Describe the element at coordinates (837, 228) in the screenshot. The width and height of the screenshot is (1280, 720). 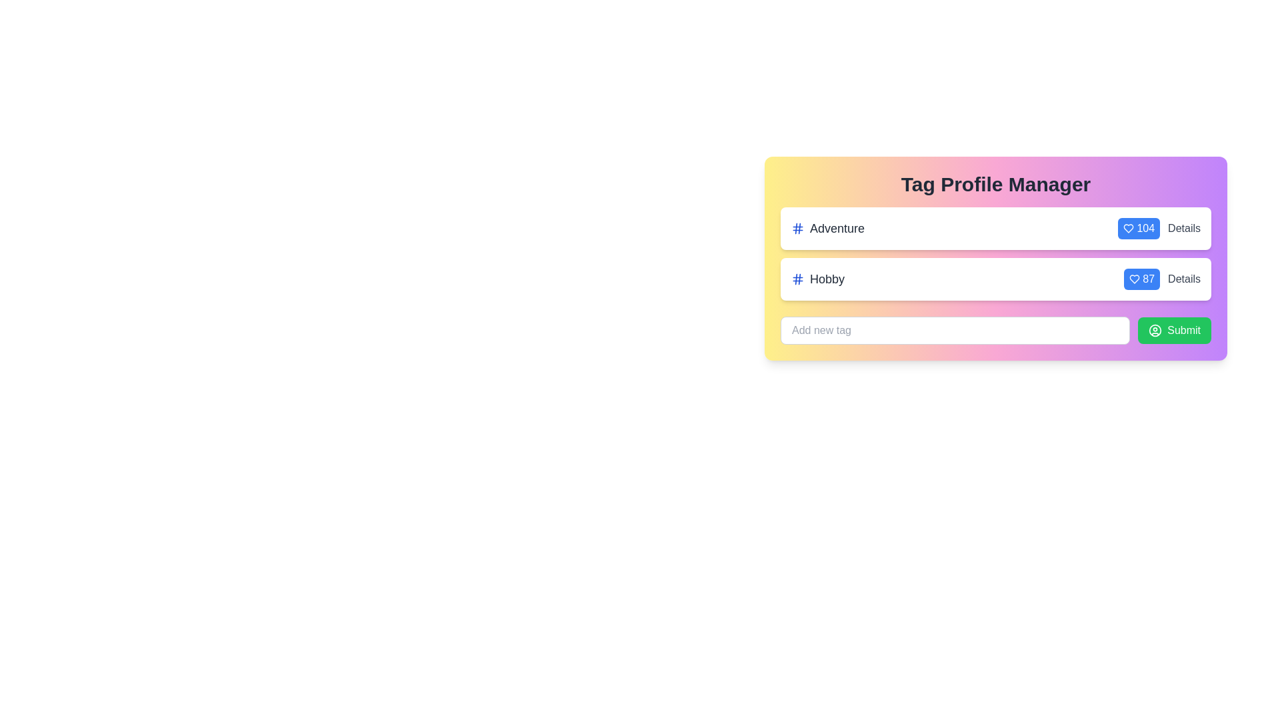
I see `the 'Adventure' text label, which is the first item in the tag list and is located adjacent to a blue icon` at that location.